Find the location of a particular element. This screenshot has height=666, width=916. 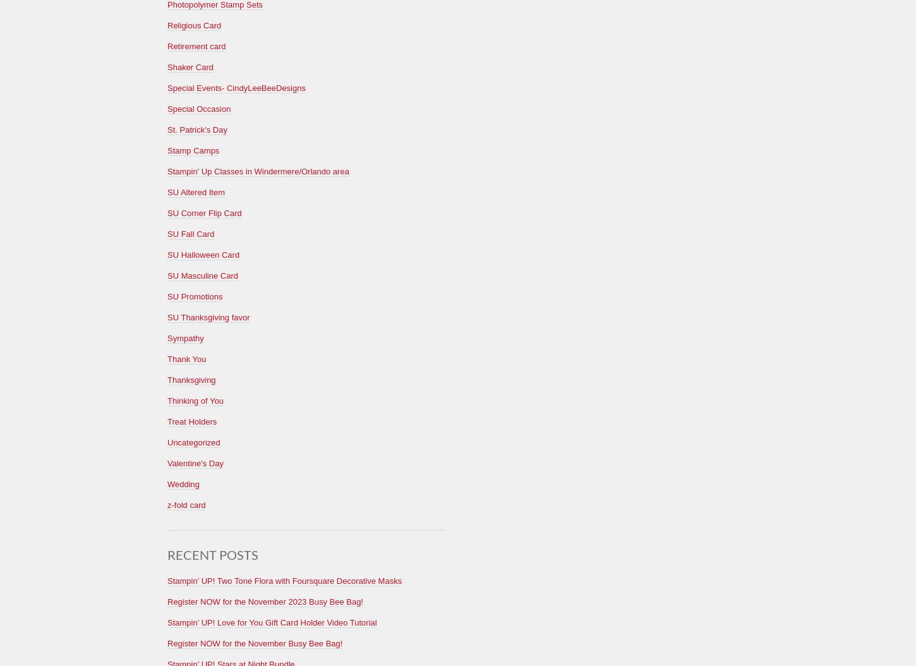

'z-fold card' is located at coordinates (186, 504).